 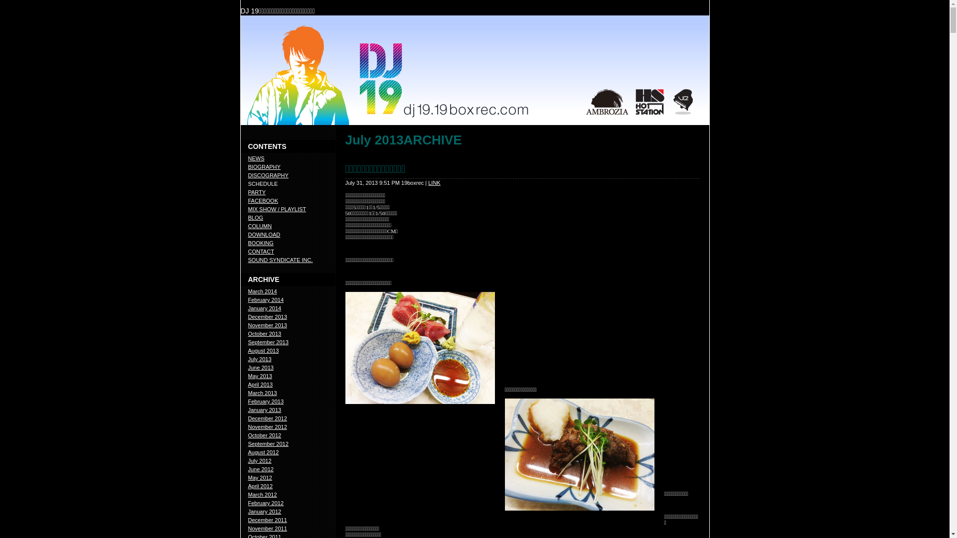 I want to click on 'November 2013', so click(x=268, y=325).